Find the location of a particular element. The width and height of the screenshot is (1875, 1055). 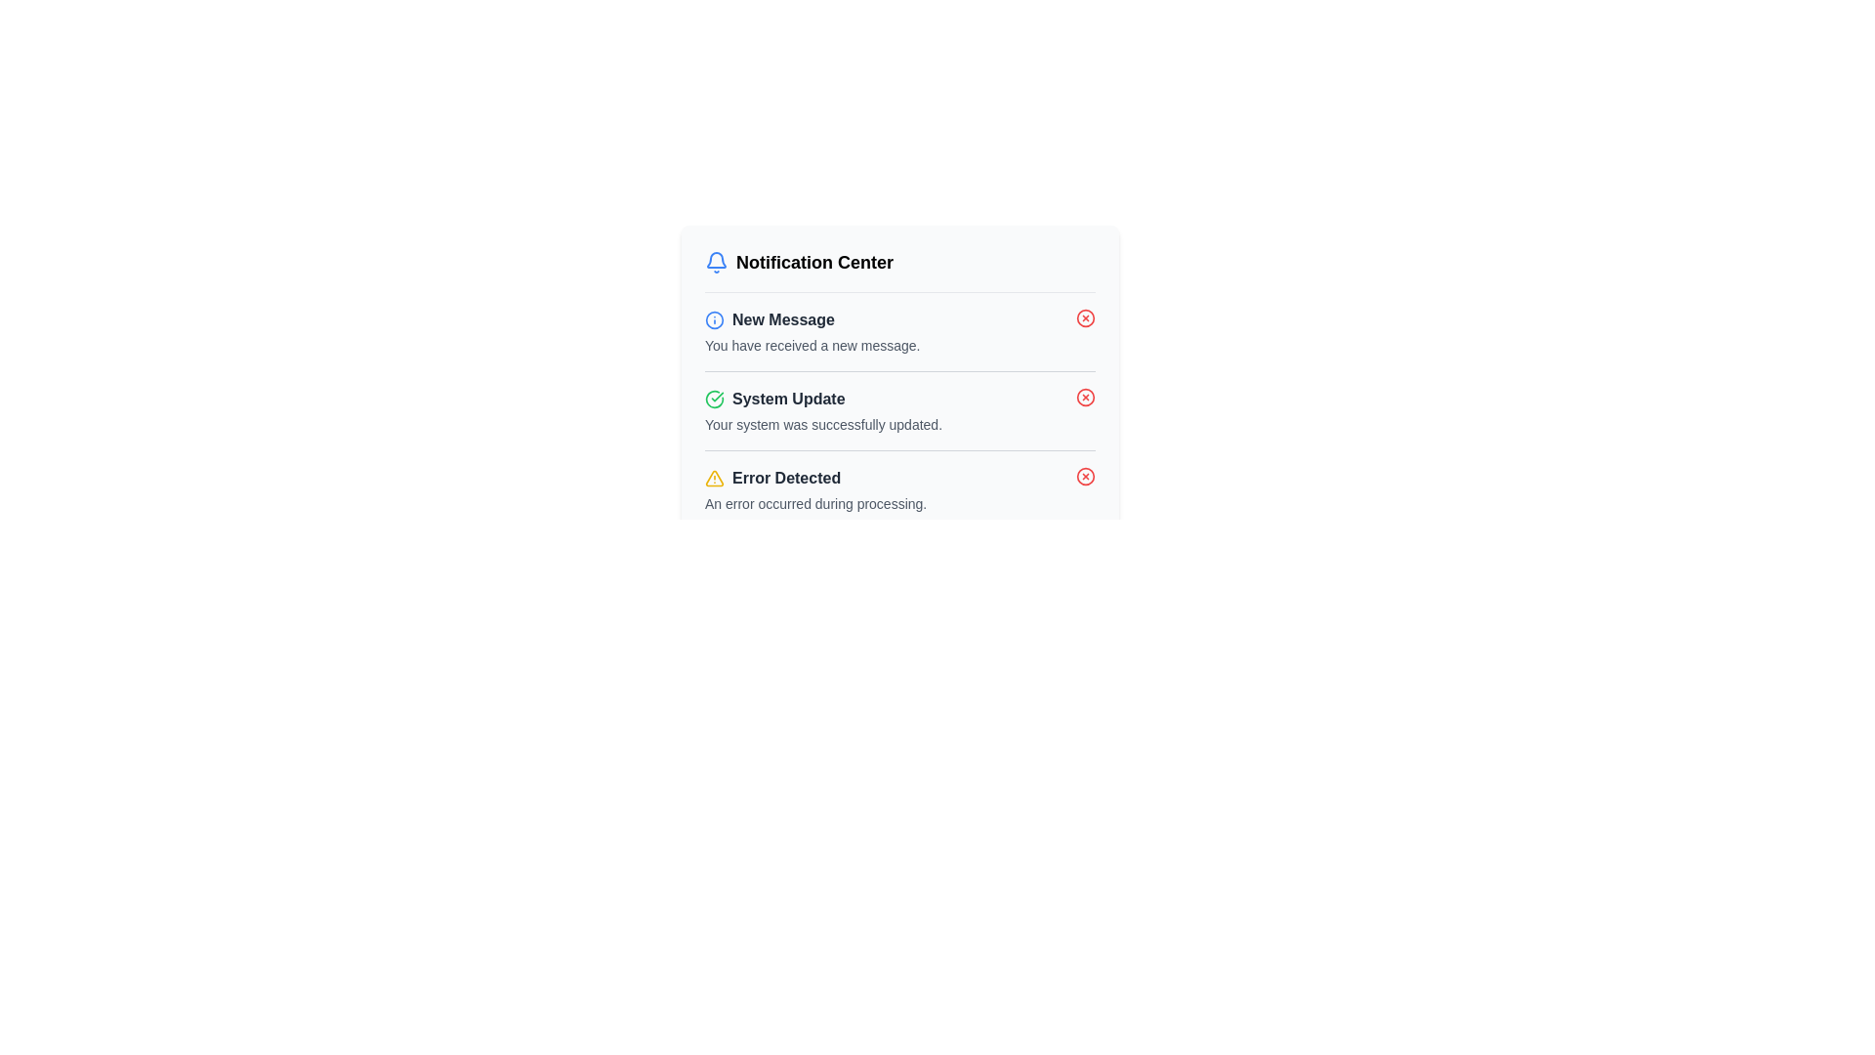

the title 'System Update' or the green circle checkmark icon of the notification for additional details is located at coordinates (898, 409).